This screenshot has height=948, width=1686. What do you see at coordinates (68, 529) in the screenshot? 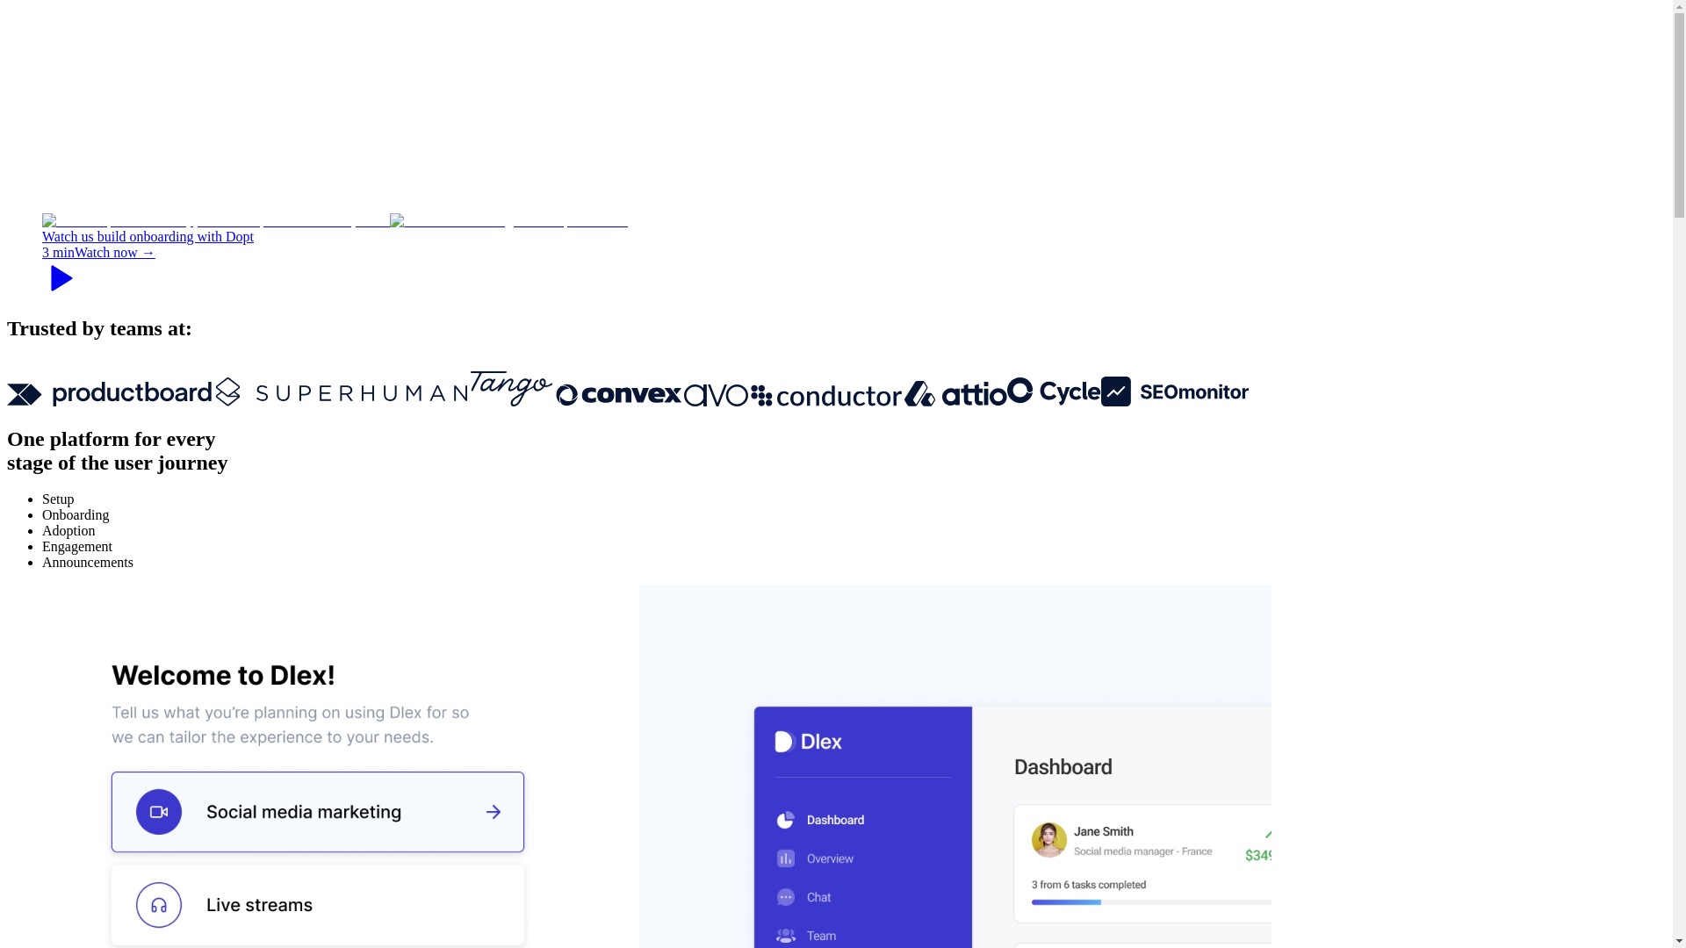
I see `'Adoption'` at bounding box center [68, 529].